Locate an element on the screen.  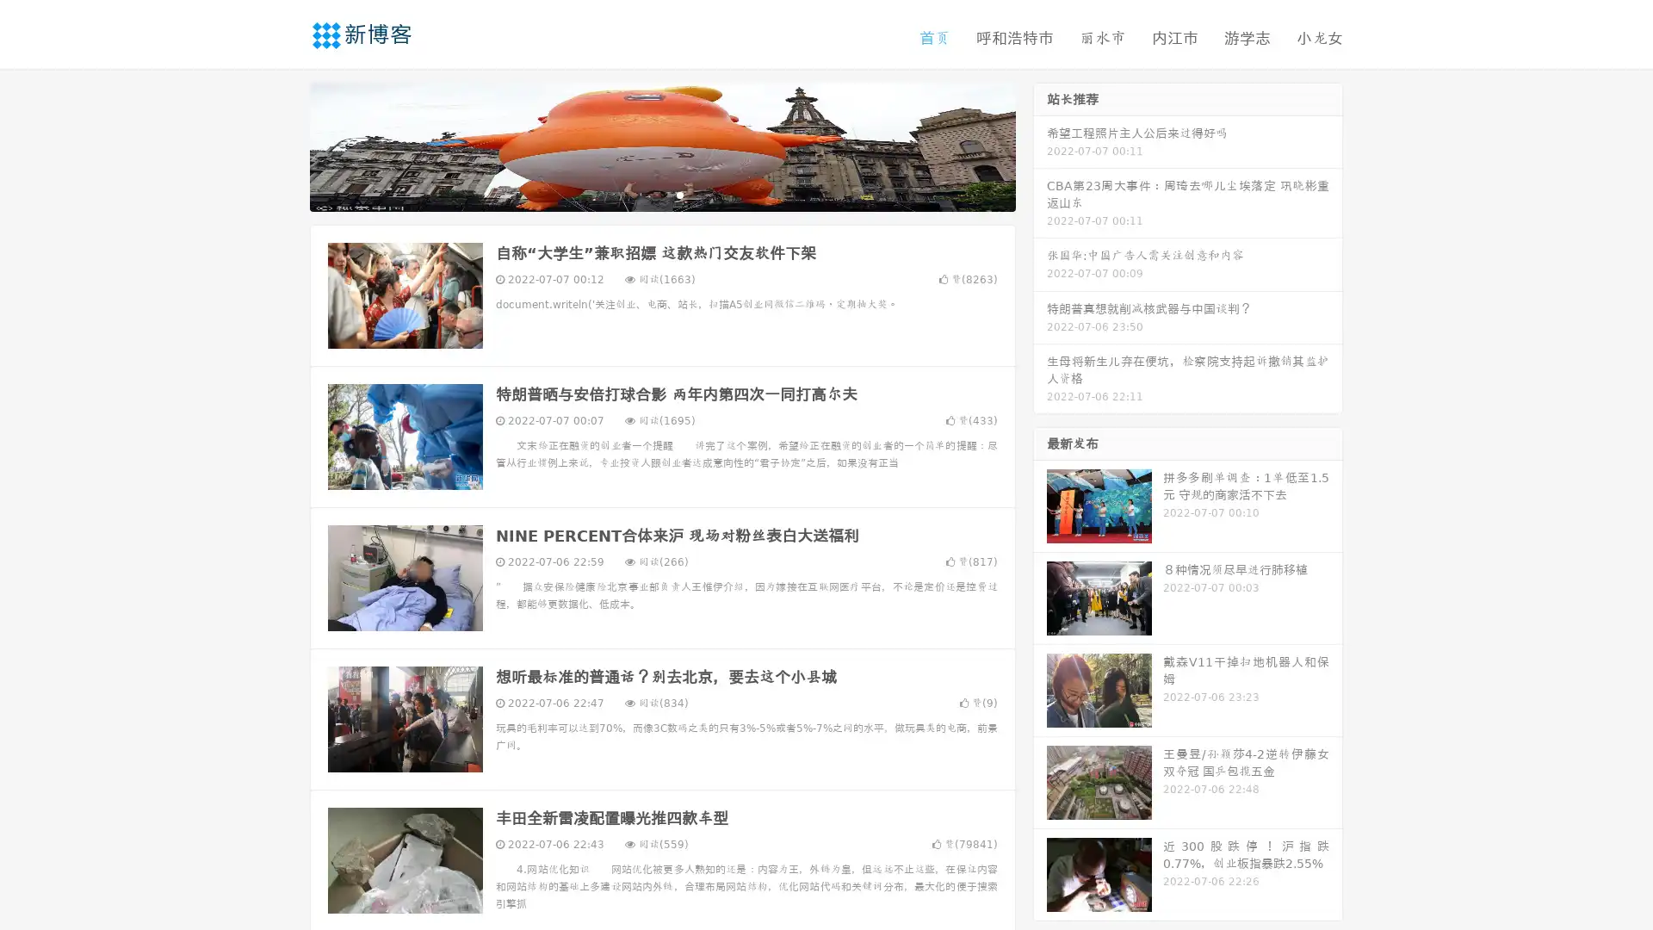
Go to slide 2 is located at coordinates (661, 194).